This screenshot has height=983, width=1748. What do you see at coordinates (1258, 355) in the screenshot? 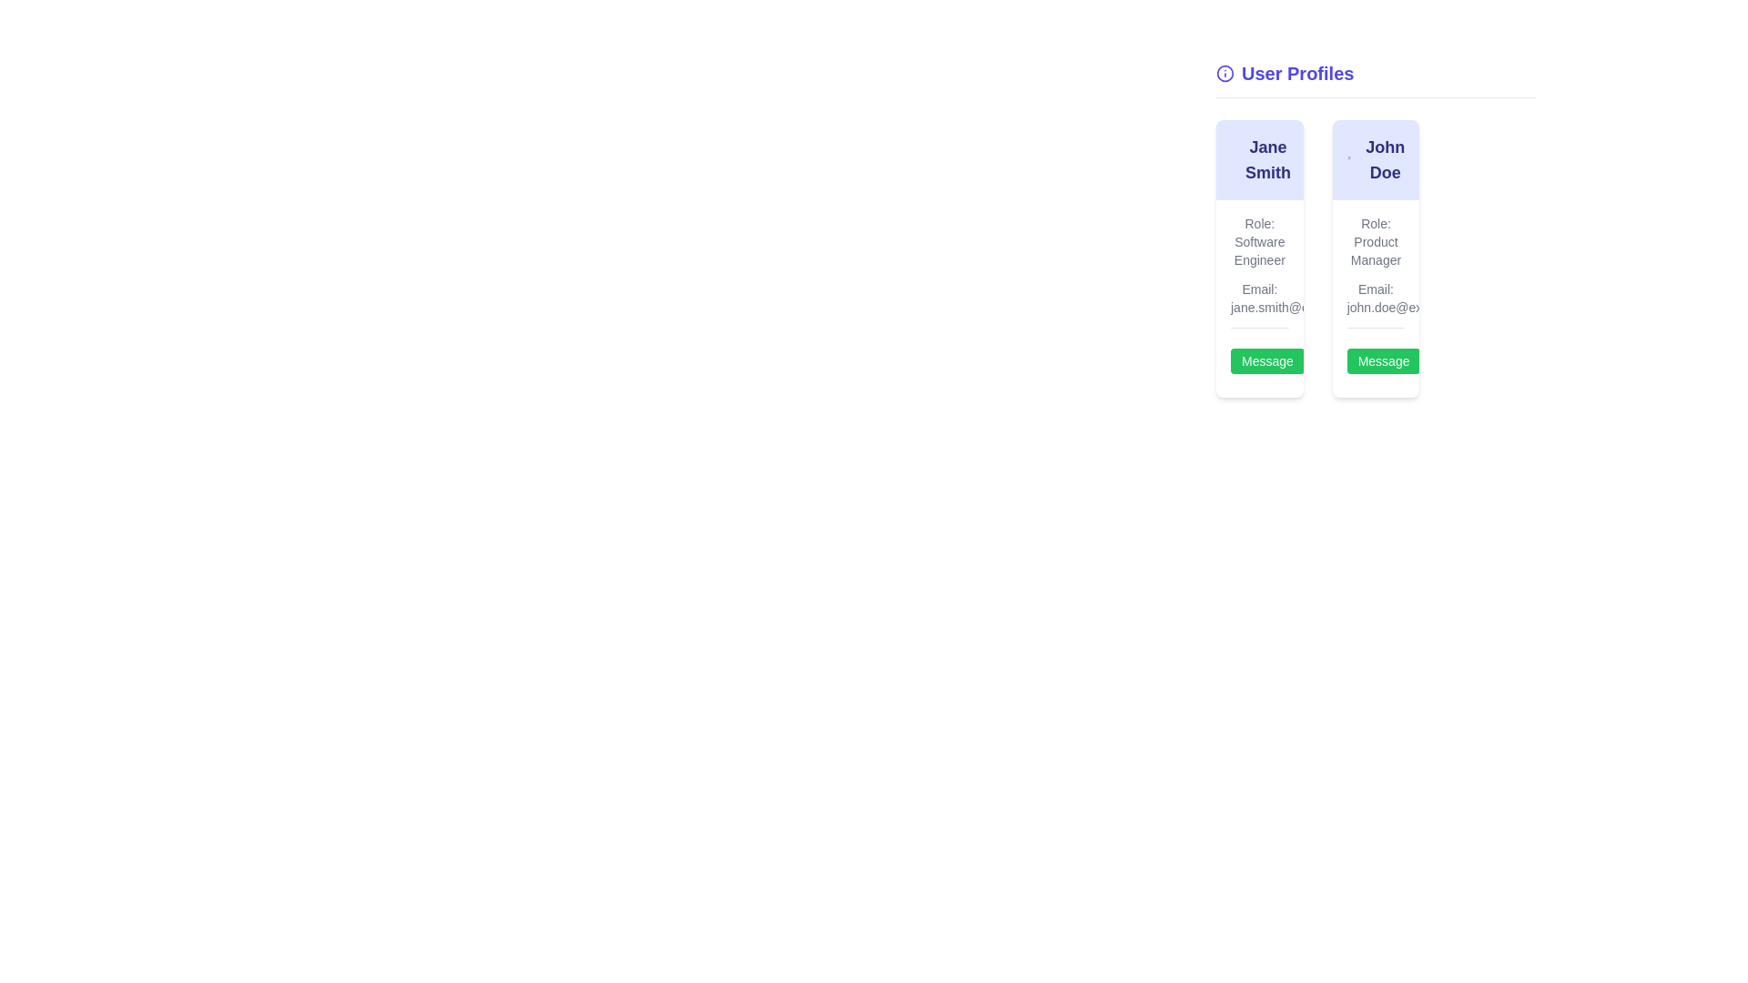
I see `the button located at the bottom-right corner of the 'Jane Smith' profile card to initiate a messaging action` at bounding box center [1258, 355].